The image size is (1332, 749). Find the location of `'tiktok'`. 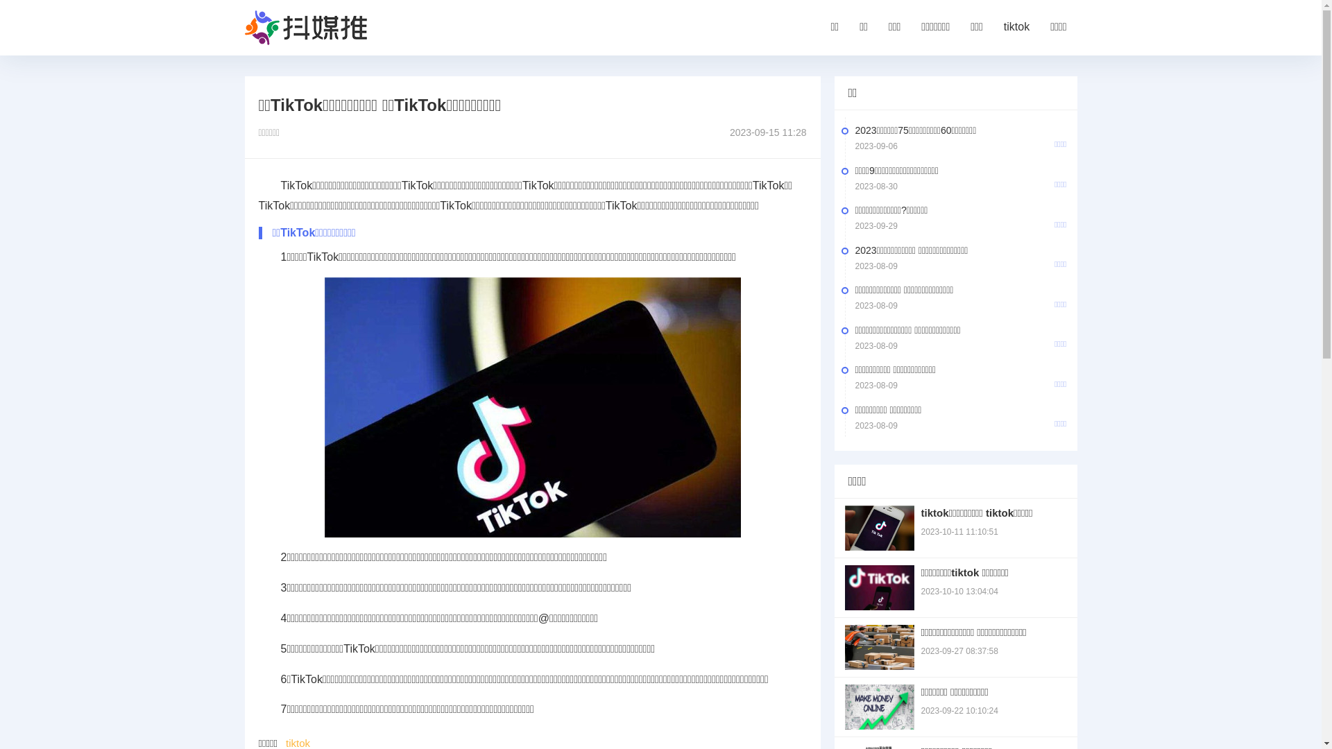

'tiktok' is located at coordinates (1000, 27).